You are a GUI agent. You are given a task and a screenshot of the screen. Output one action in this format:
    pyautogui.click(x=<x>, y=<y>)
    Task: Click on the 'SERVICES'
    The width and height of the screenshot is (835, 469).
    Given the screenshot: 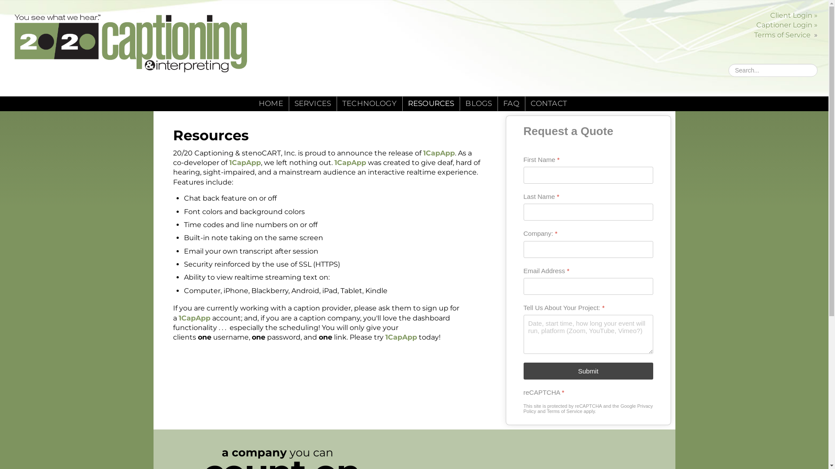 What is the action you would take?
    pyautogui.click(x=313, y=103)
    